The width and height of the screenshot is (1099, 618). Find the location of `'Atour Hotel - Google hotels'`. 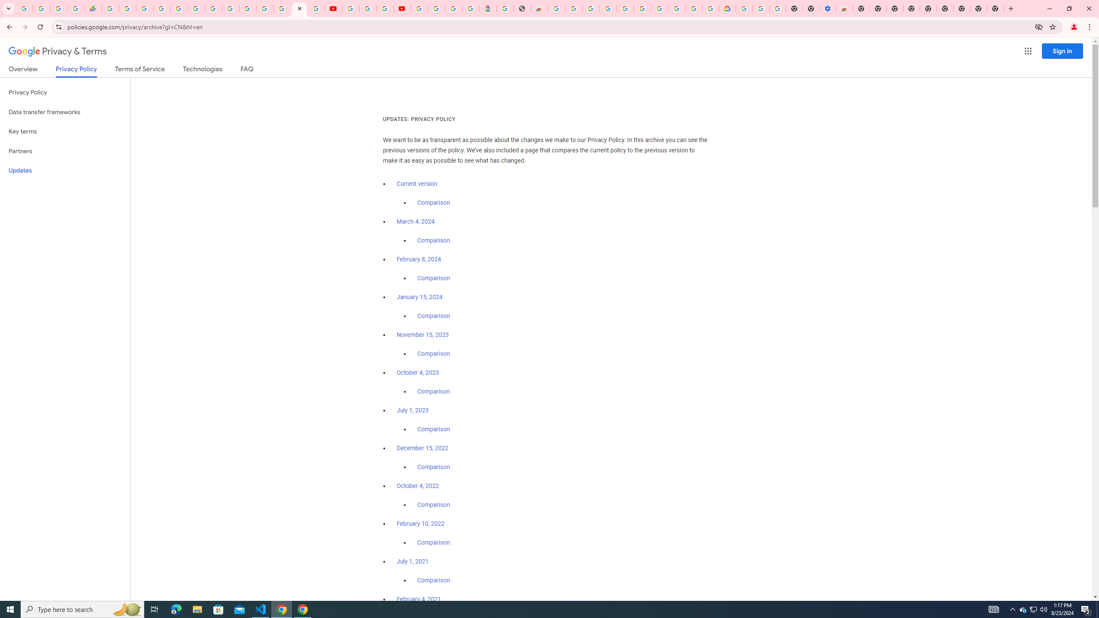

'Atour Hotel - Google hotels' is located at coordinates (488, 8).